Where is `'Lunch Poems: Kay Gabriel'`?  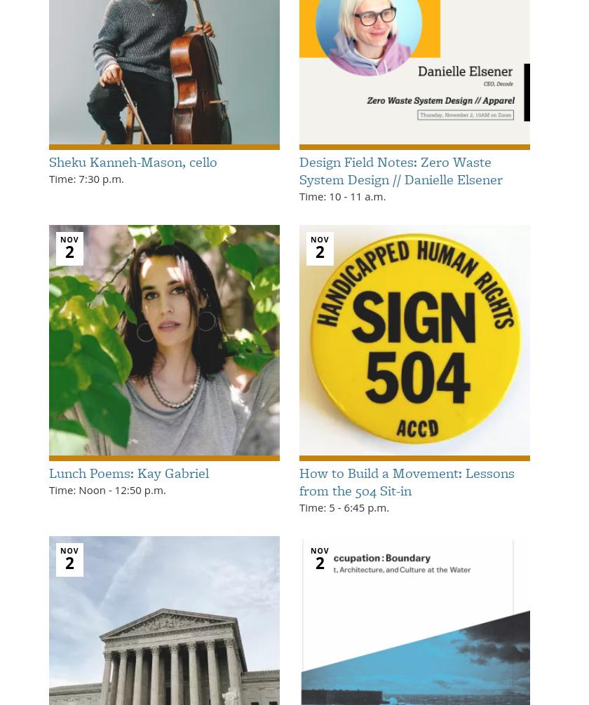 'Lunch Poems: Kay Gabriel' is located at coordinates (128, 472).